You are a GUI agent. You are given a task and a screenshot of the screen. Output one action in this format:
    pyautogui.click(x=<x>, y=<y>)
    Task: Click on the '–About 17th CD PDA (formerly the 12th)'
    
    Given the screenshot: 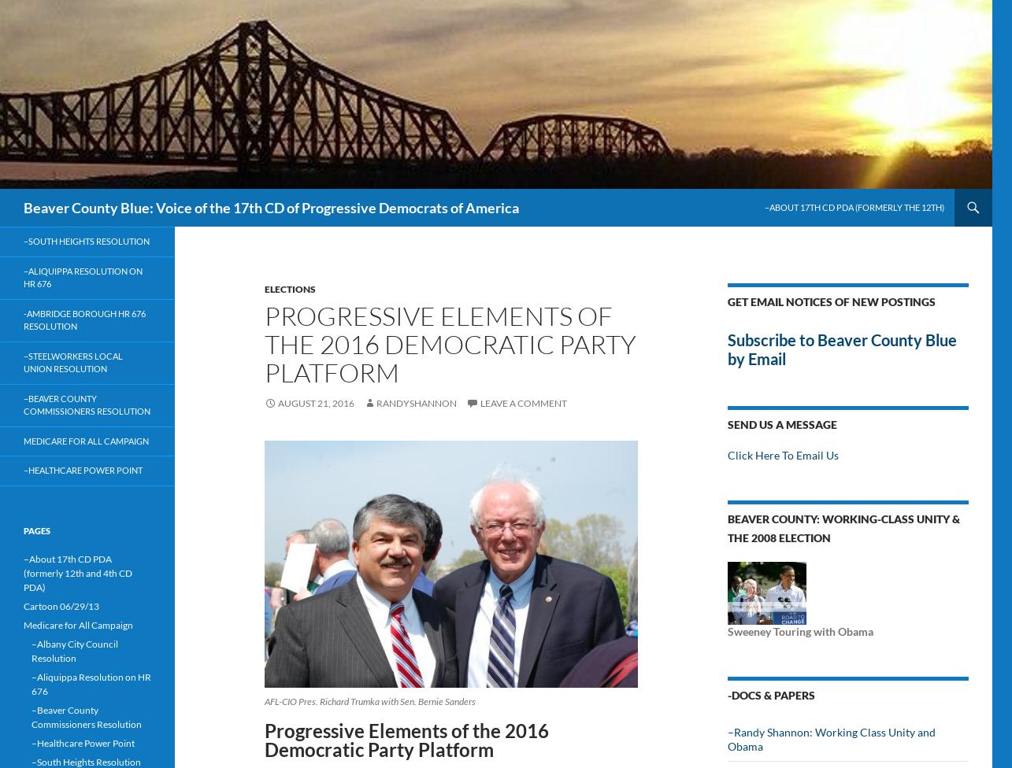 What is the action you would take?
    pyautogui.click(x=854, y=207)
    